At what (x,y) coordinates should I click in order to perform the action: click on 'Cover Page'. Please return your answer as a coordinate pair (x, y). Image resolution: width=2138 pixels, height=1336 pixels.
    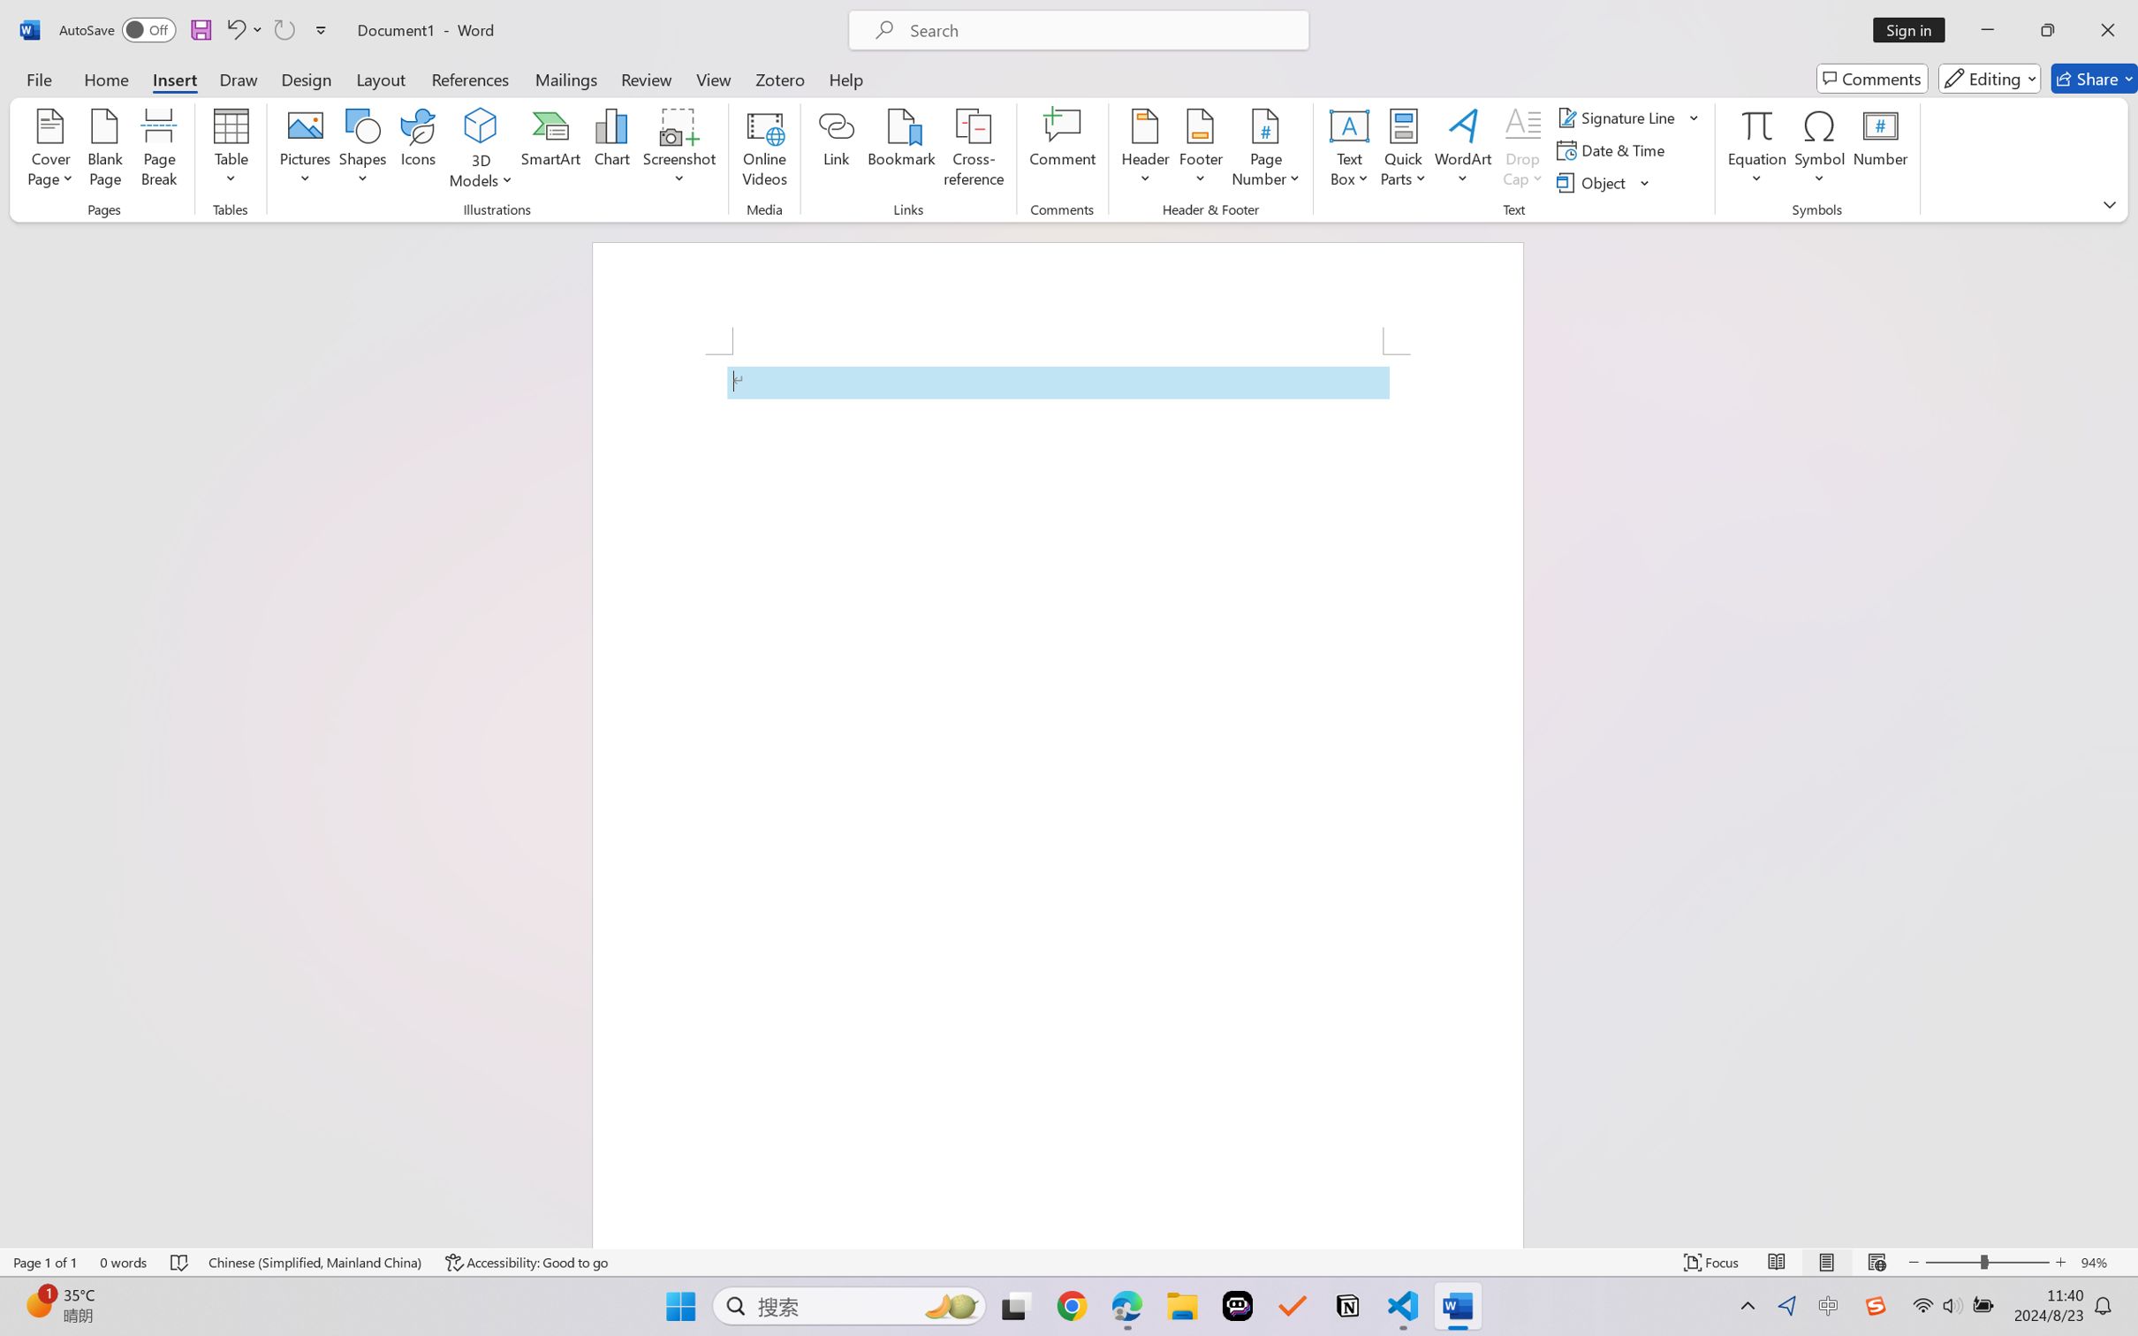
    Looking at the image, I should click on (50, 150).